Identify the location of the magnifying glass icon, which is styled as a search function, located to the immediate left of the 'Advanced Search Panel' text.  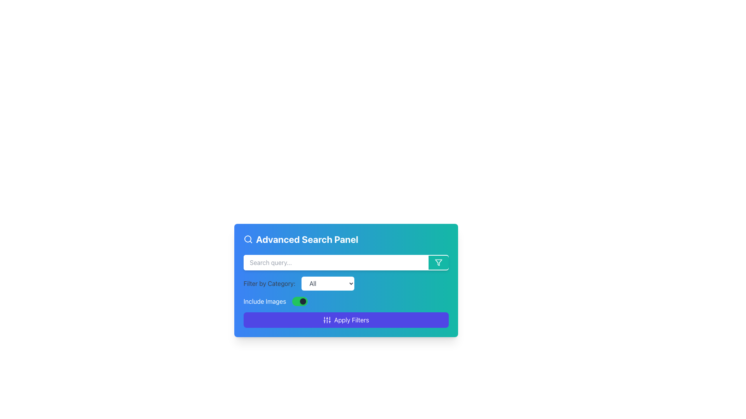
(248, 239).